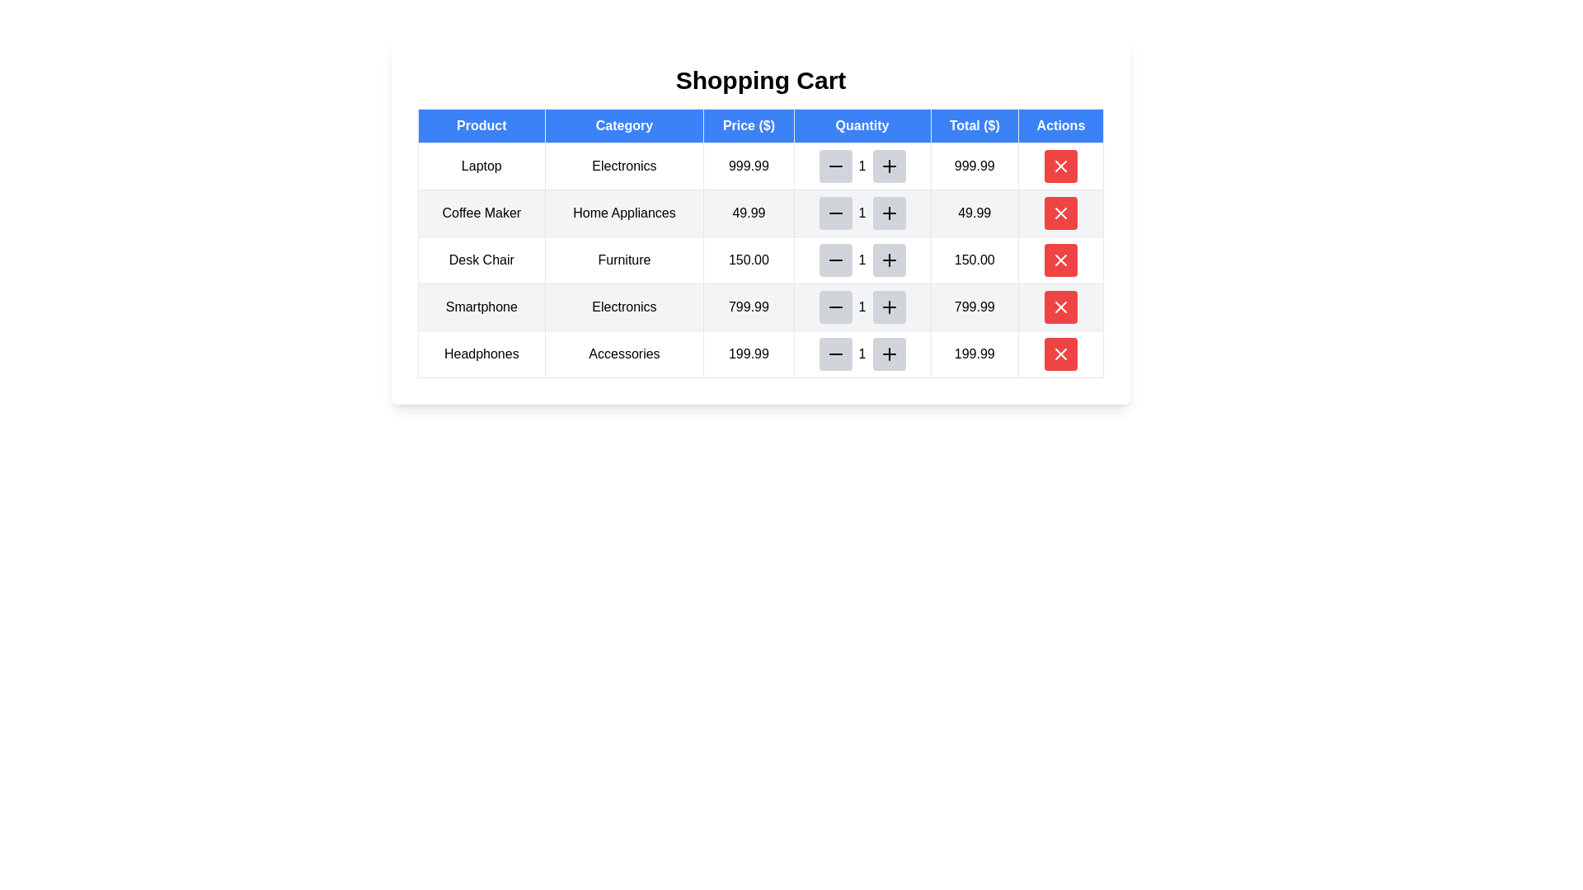 This screenshot has height=890, width=1583. Describe the element at coordinates (862, 353) in the screenshot. I see `the non-editable text display showing the current quantity of the item in the last row of the shopping cart table, located between the decrement and increment buttons` at that location.